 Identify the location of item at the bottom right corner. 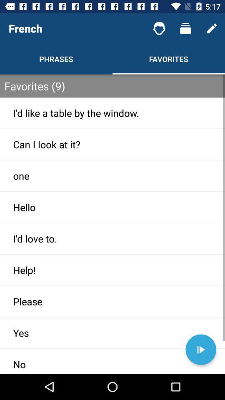
(200, 350).